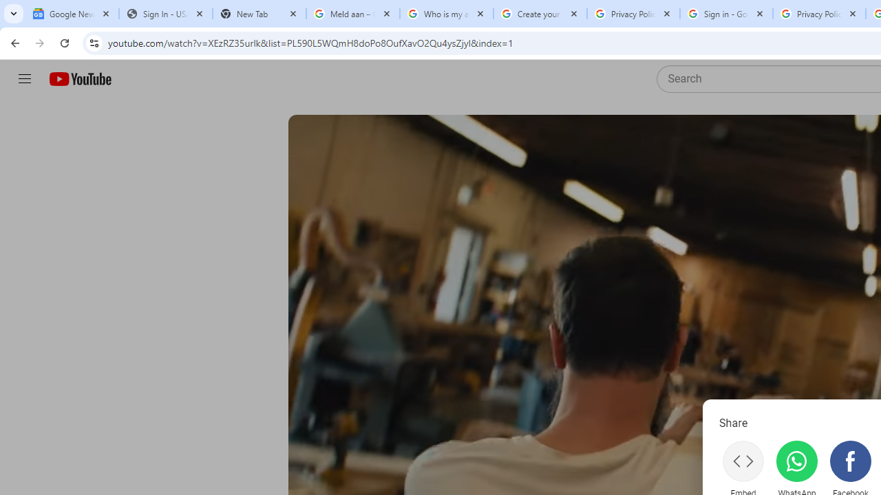 The height and width of the screenshot is (495, 881). Describe the element at coordinates (24, 79) in the screenshot. I see `'Guide'` at that location.